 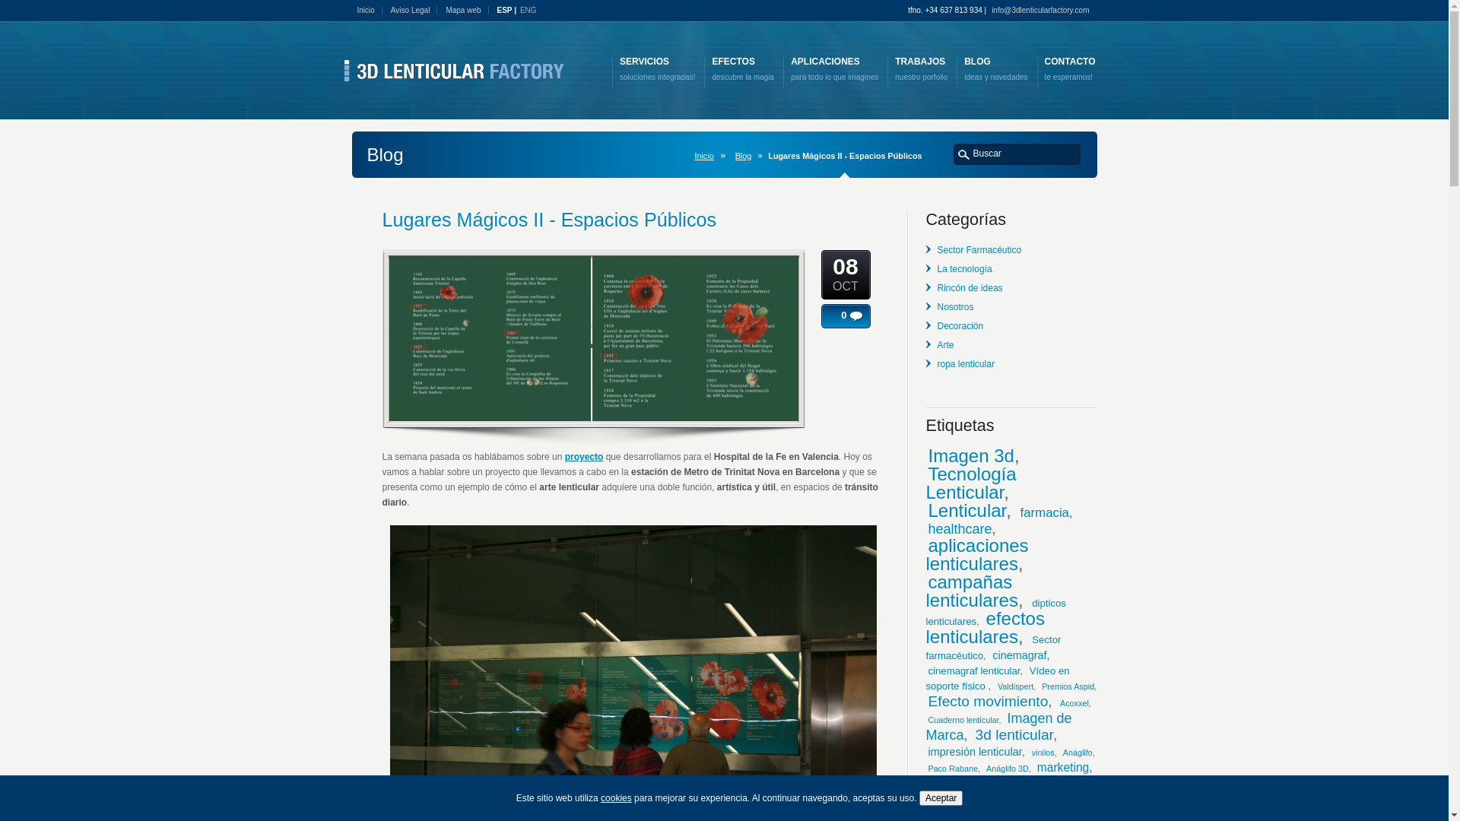 I want to click on 'ropa lenticular', so click(x=964, y=363).